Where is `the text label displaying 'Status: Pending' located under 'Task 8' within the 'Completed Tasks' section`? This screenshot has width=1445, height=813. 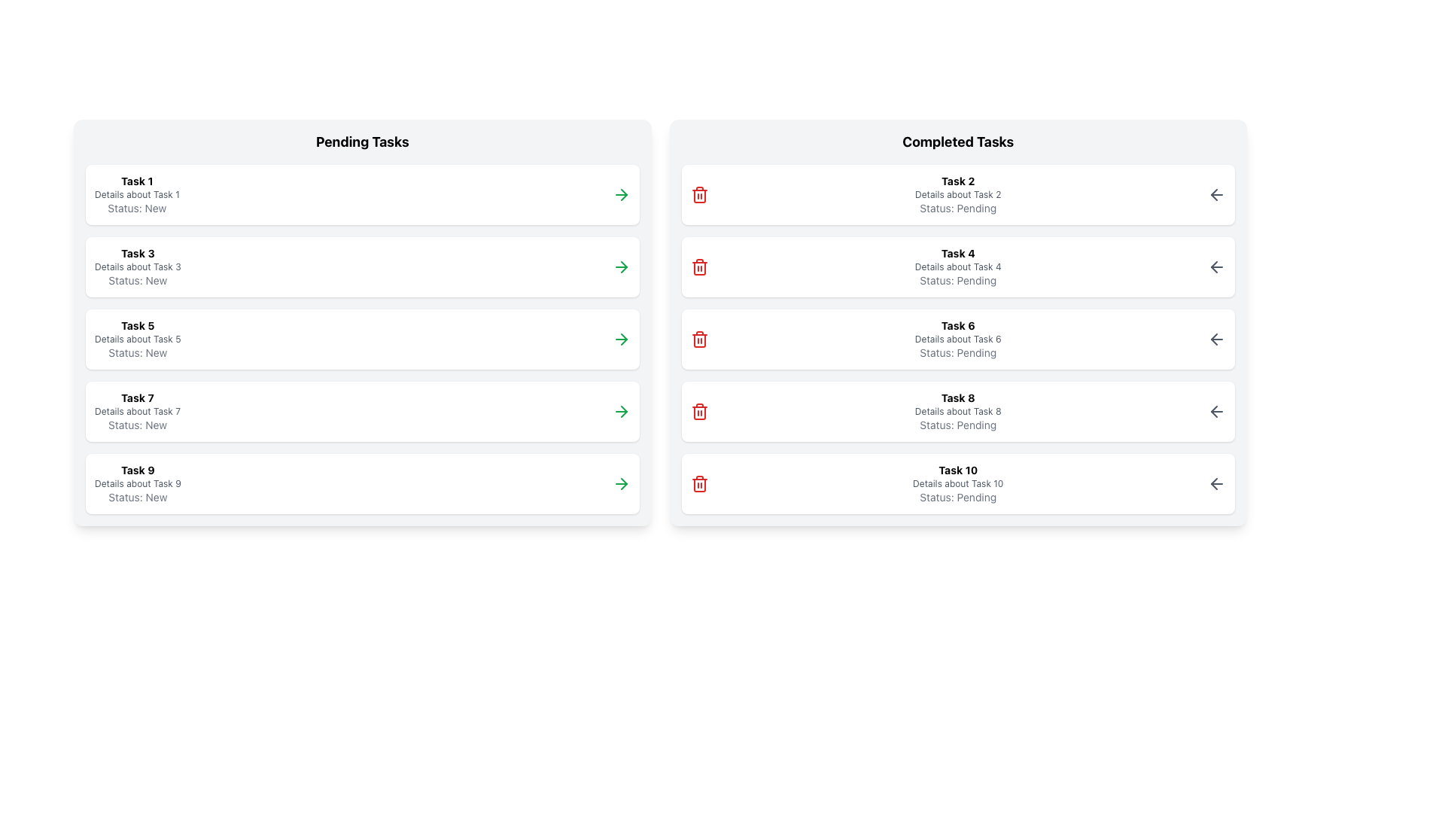 the text label displaying 'Status: Pending' located under 'Task 8' within the 'Completed Tasks' section is located at coordinates (957, 425).